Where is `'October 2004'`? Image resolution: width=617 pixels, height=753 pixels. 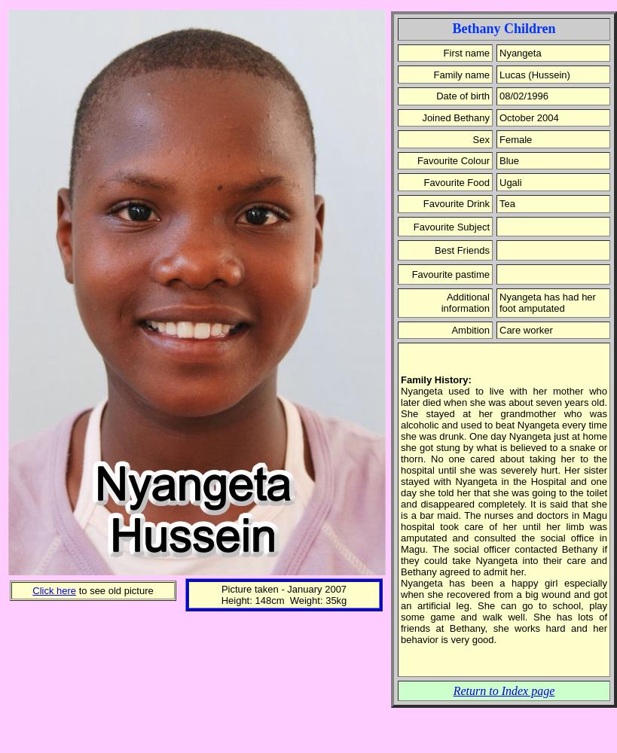 'October 2004' is located at coordinates (499, 117).